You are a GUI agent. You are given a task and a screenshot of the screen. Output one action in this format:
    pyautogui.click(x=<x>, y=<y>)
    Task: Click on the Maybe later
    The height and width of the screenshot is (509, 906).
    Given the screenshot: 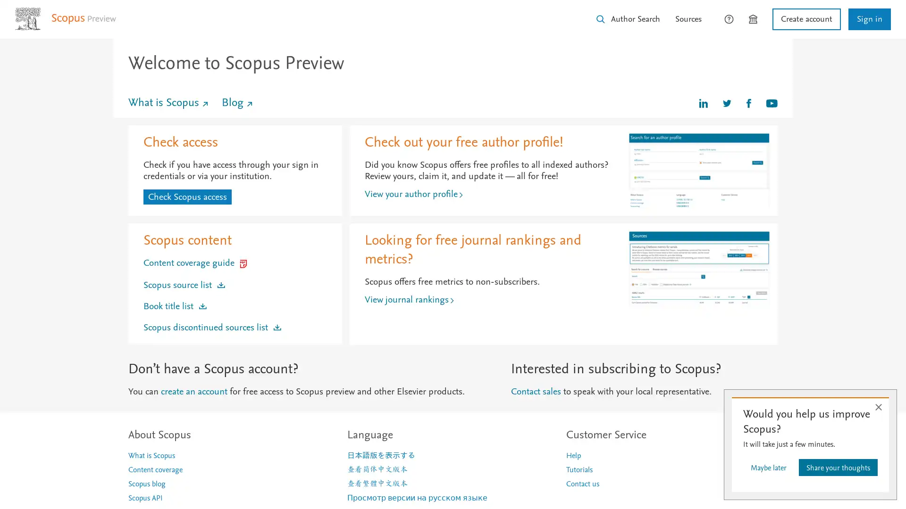 What is the action you would take?
    pyautogui.click(x=768, y=467)
    